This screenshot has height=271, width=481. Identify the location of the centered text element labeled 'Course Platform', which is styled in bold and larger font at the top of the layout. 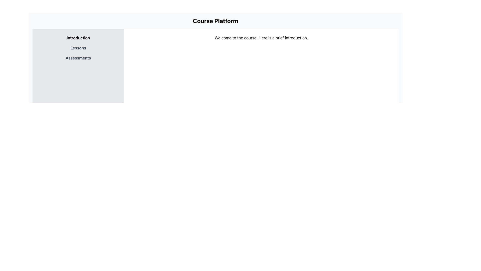
(215, 21).